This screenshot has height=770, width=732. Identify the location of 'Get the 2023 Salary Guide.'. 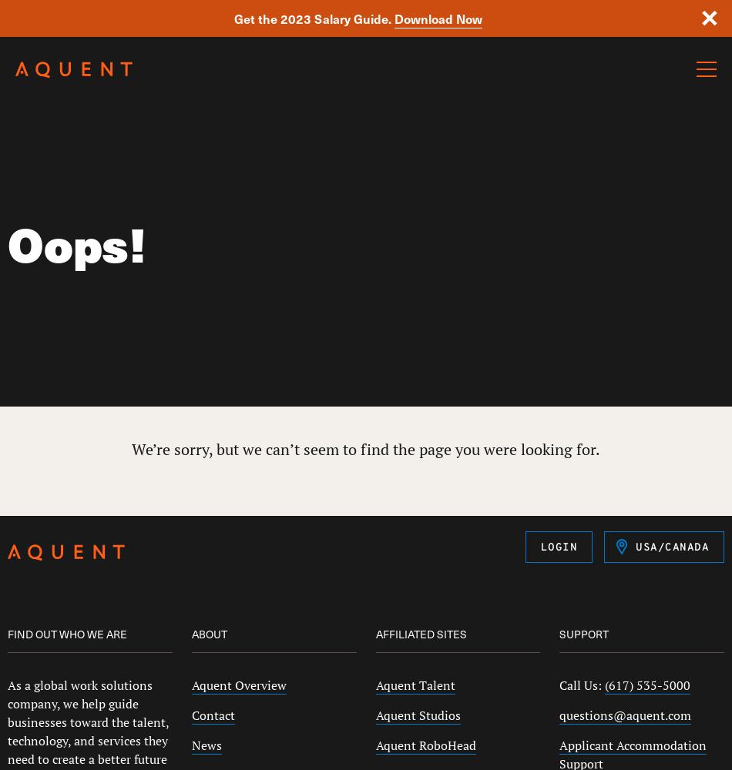
(233, 18).